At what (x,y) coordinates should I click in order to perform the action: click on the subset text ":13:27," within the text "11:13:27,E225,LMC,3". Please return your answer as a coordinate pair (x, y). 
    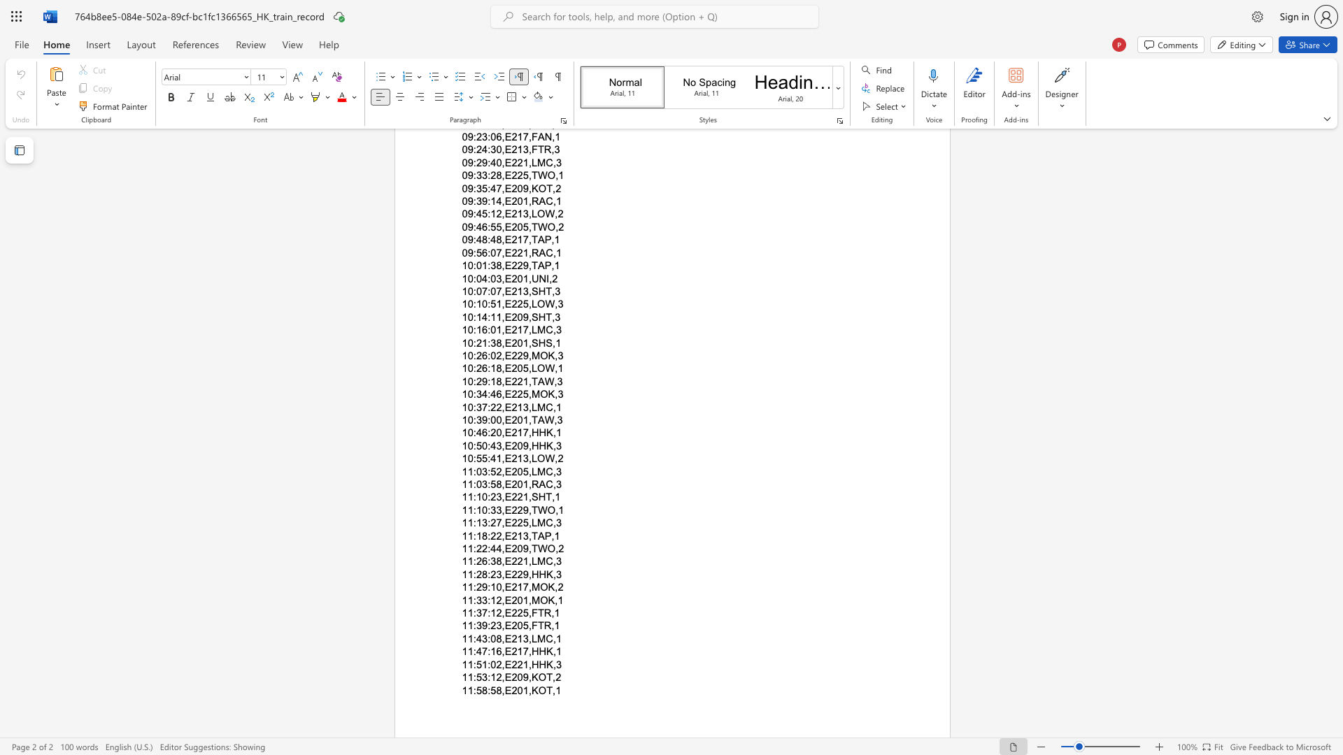
    Looking at the image, I should click on (473, 523).